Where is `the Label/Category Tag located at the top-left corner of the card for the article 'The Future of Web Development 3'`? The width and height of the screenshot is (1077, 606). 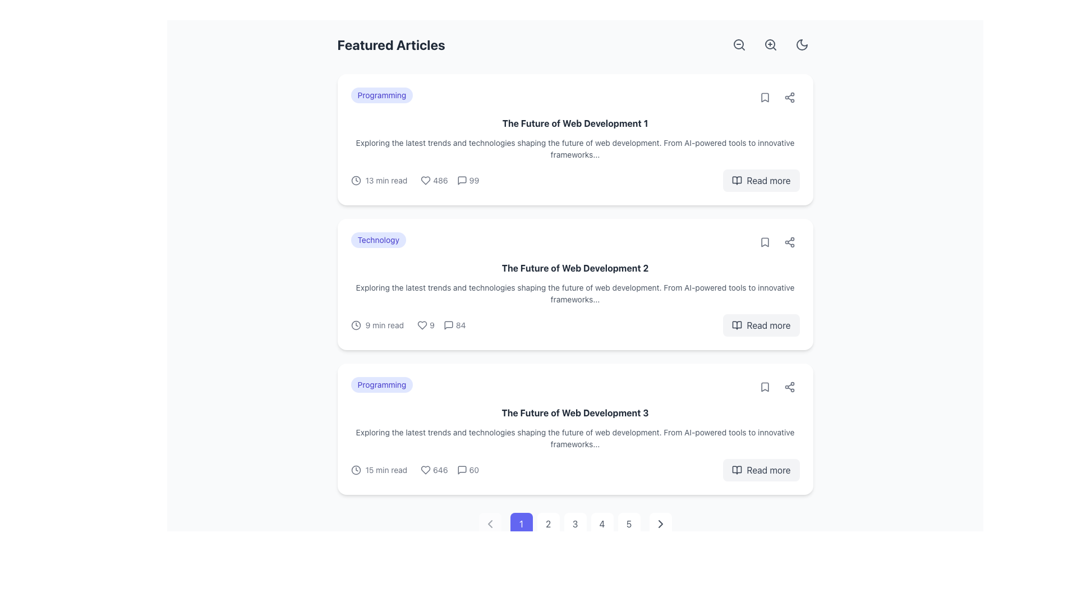 the Label/Category Tag located at the top-left corner of the card for the article 'The Future of Web Development 3' is located at coordinates (381, 384).